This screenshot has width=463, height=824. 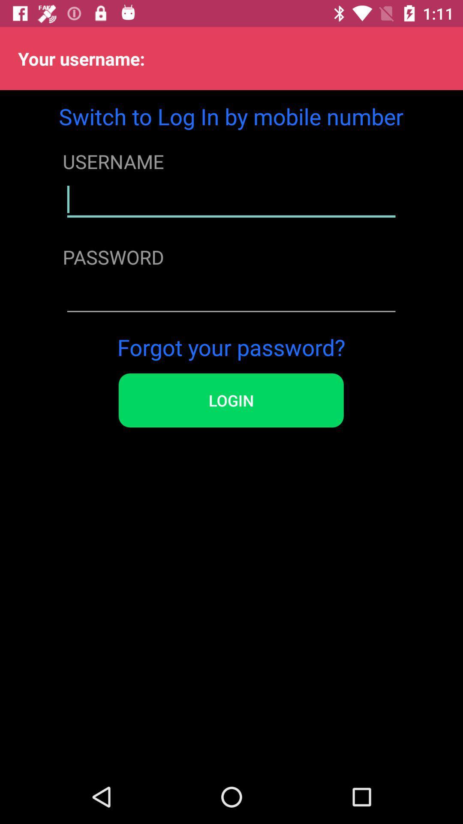 I want to click on the icon below your username: app, so click(x=231, y=116).